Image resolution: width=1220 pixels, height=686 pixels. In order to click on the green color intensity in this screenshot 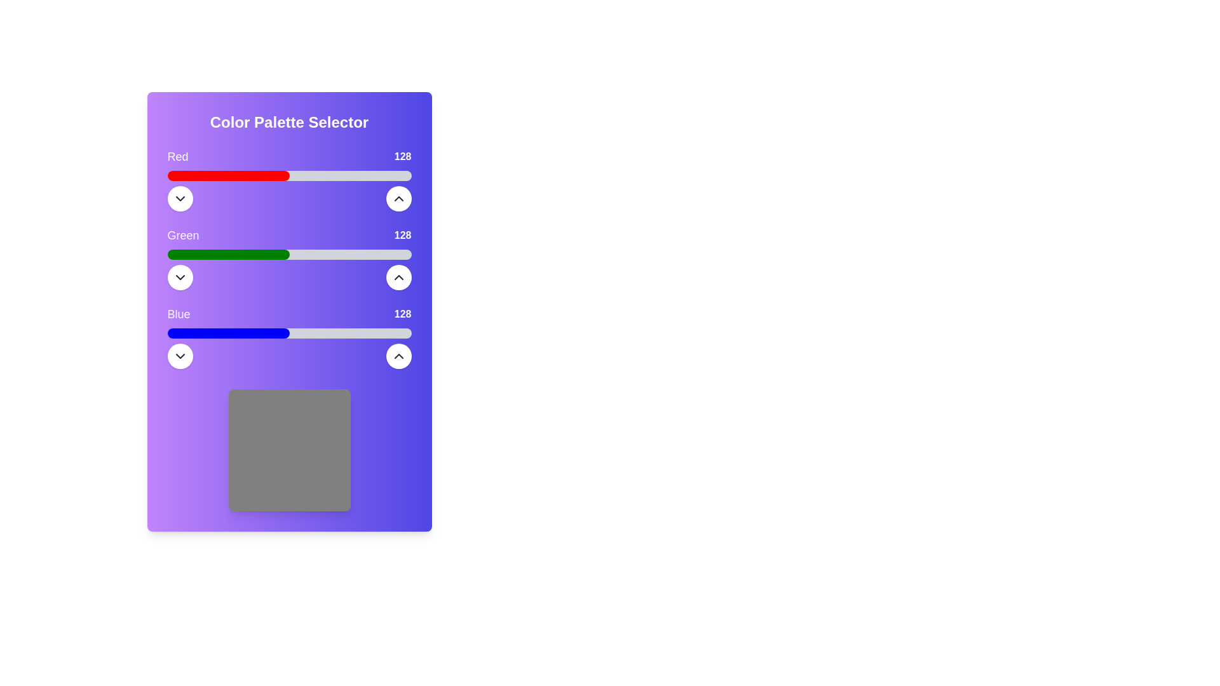, I will do `click(251, 255)`.